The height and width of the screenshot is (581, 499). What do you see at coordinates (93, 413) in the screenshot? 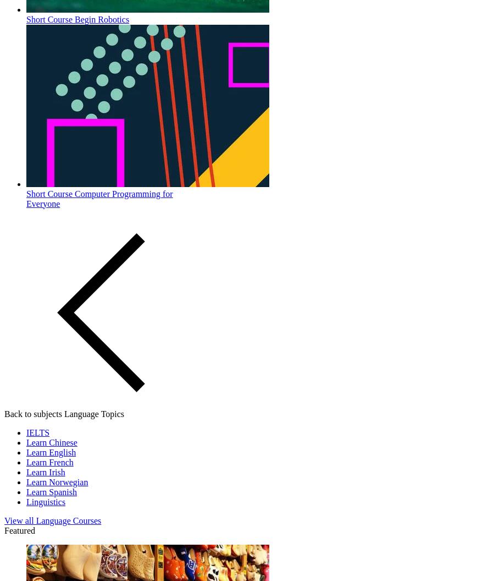
I see `'Language Topics'` at bounding box center [93, 413].